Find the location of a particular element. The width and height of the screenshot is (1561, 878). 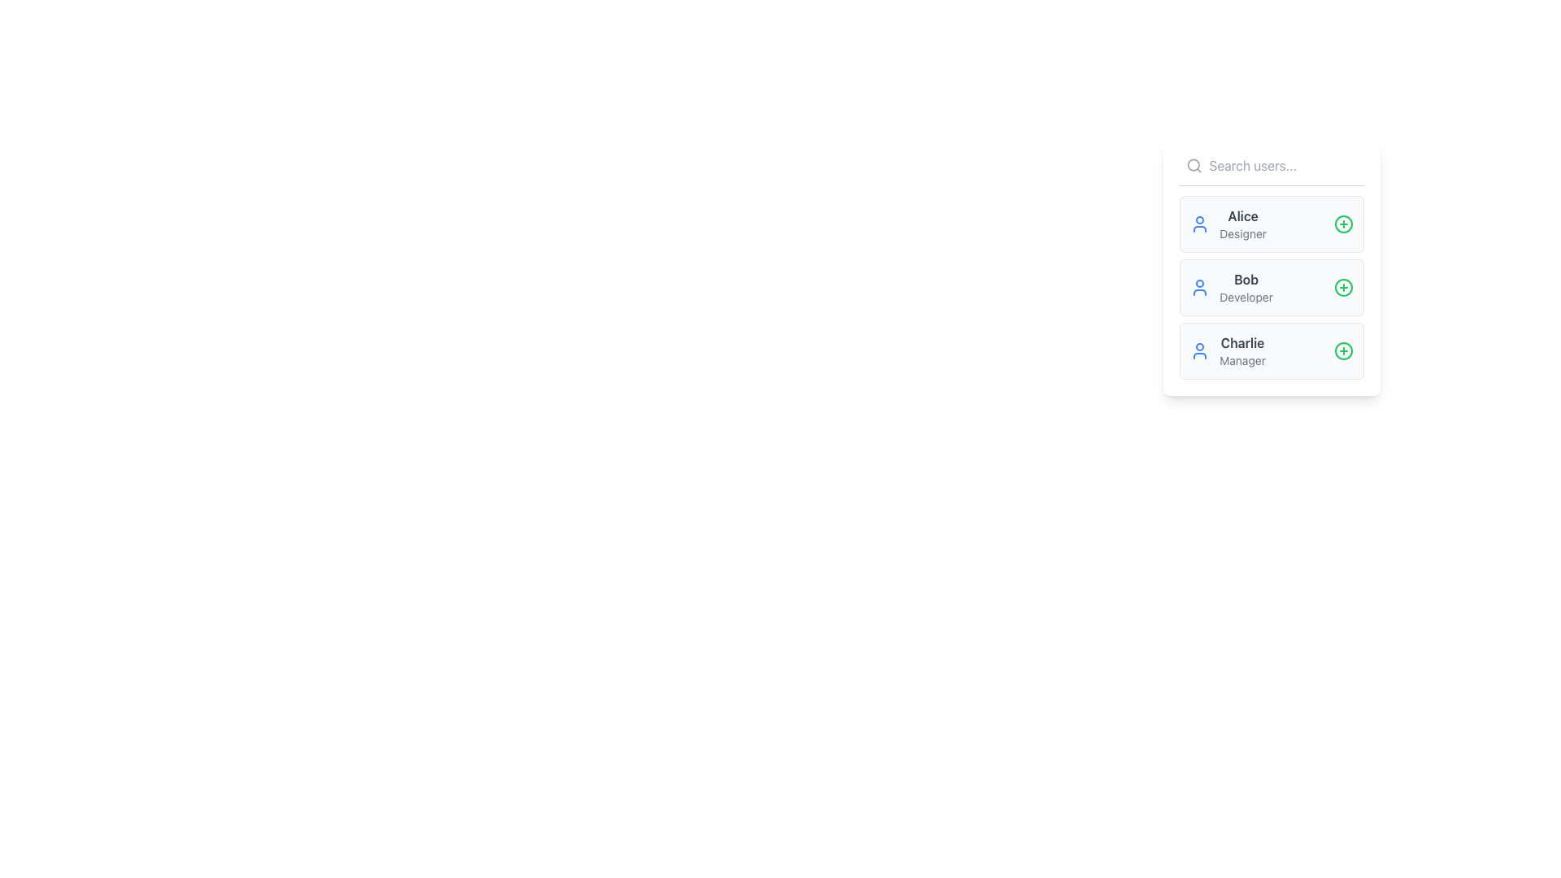

the circular icon button with a green outline and a plus sign, located to the right of 'Charlie Manager', to initiate an action related to 'Charlie Manager' is located at coordinates (1343, 350).